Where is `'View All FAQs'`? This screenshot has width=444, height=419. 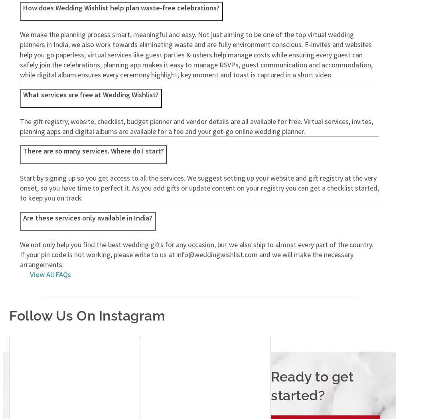 'View All FAQs' is located at coordinates (50, 274).